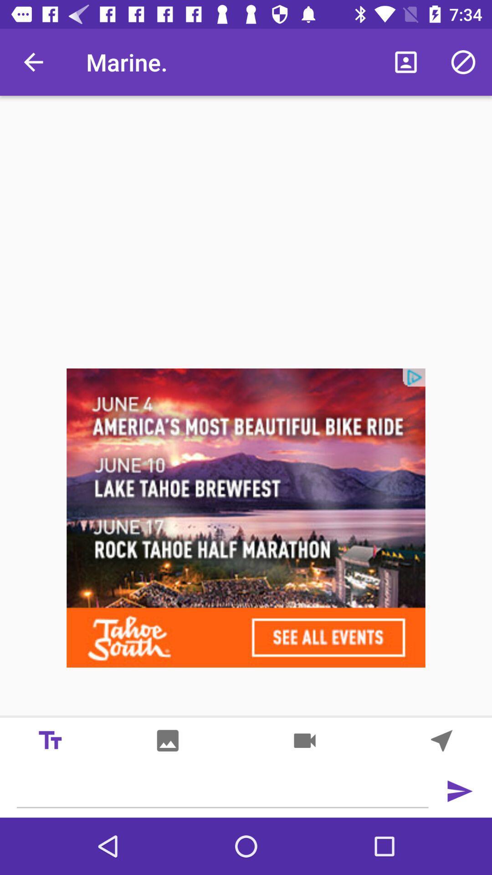  Describe the element at coordinates (459, 791) in the screenshot. I see `go back` at that location.